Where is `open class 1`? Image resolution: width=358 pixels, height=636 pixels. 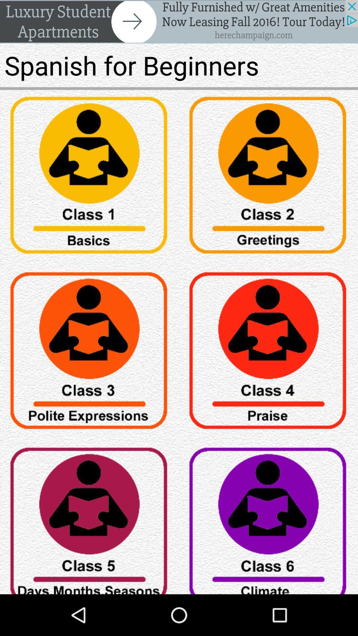
open class 1 is located at coordinates (89, 178).